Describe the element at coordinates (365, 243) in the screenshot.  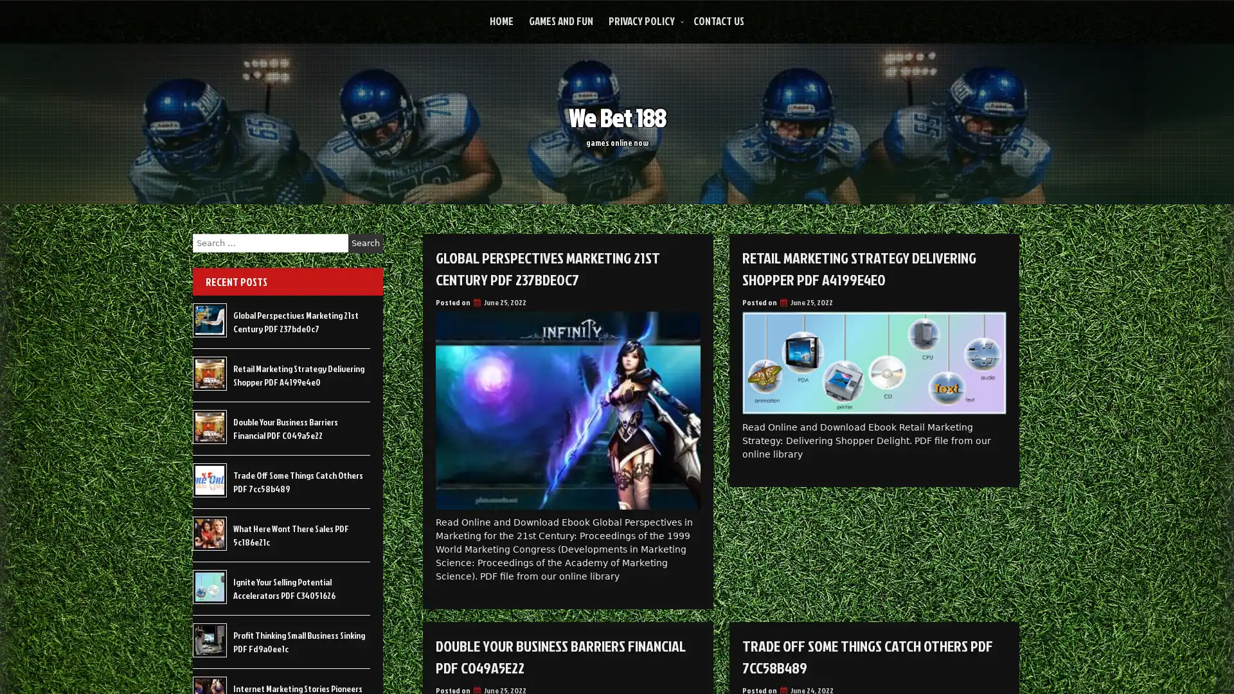
I see `Search` at that location.